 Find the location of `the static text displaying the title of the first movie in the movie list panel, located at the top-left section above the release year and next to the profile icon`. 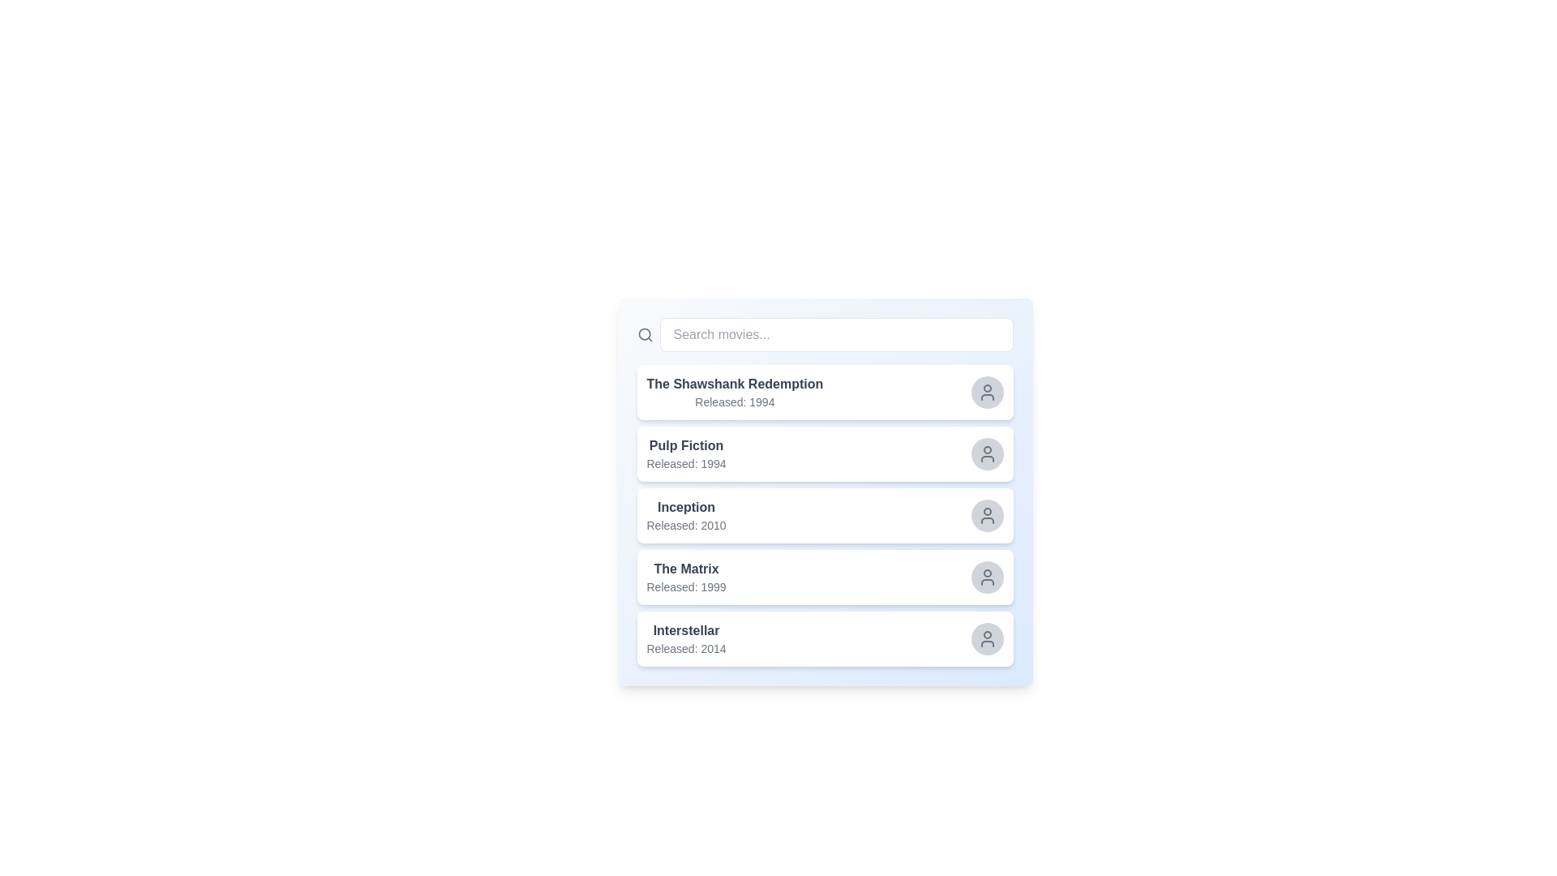

the static text displaying the title of the first movie in the movie list panel, located at the top-left section above the release year and next to the profile icon is located at coordinates (734, 384).